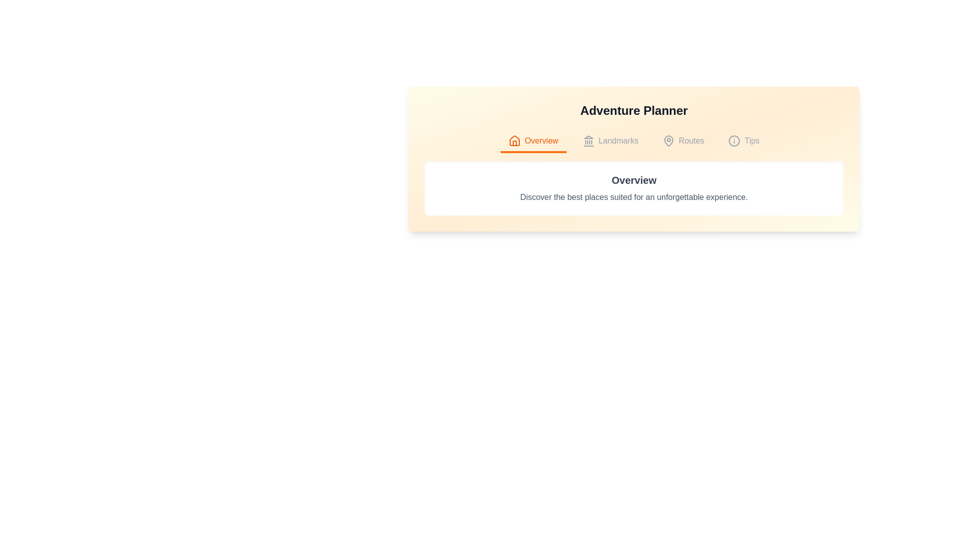  What do you see at coordinates (683, 142) in the screenshot?
I see `the Routes tab` at bounding box center [683, 142].